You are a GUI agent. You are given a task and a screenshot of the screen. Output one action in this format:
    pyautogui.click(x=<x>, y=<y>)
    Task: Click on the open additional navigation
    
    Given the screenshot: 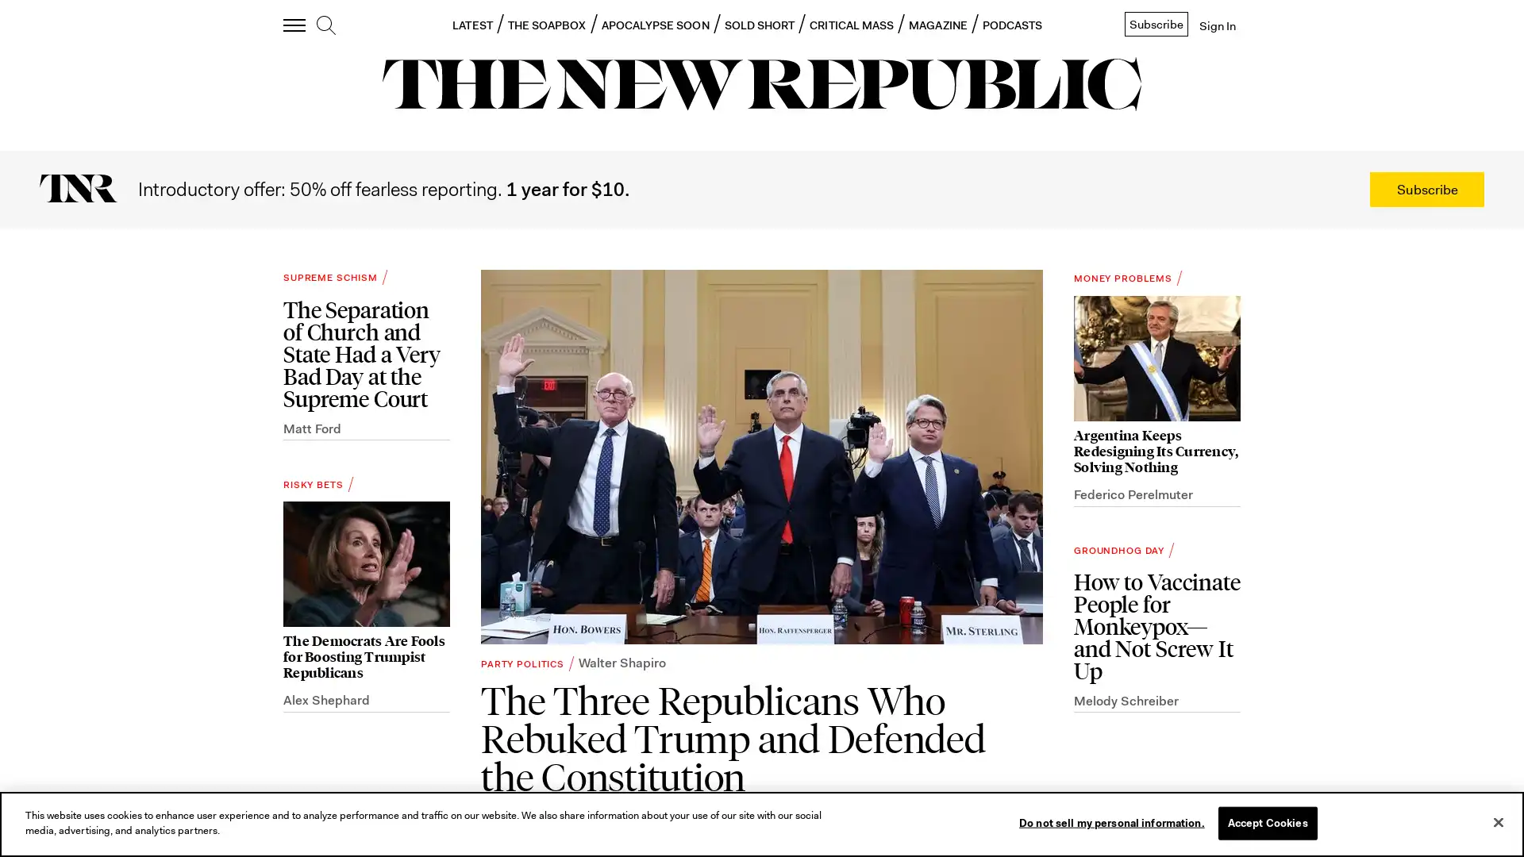 What is the action you would take?
    pyautogui.click(x=295, y=26)
    